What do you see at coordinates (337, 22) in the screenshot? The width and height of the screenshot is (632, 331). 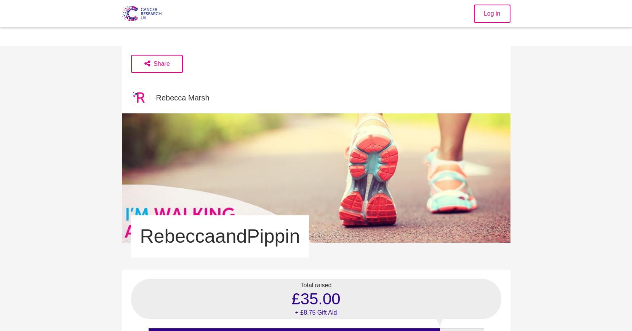 I see `'Together we will beat cancer'` at bounding box center [337, 22].